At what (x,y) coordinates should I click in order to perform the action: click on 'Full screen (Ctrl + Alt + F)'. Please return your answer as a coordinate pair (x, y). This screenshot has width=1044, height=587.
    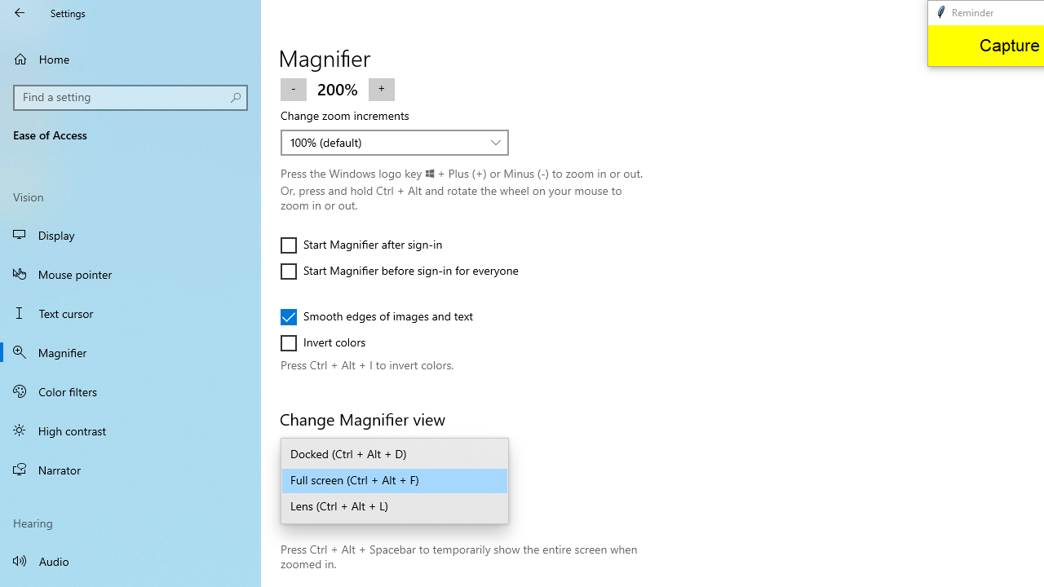
    Looking at the image, I should click on (395, 480).